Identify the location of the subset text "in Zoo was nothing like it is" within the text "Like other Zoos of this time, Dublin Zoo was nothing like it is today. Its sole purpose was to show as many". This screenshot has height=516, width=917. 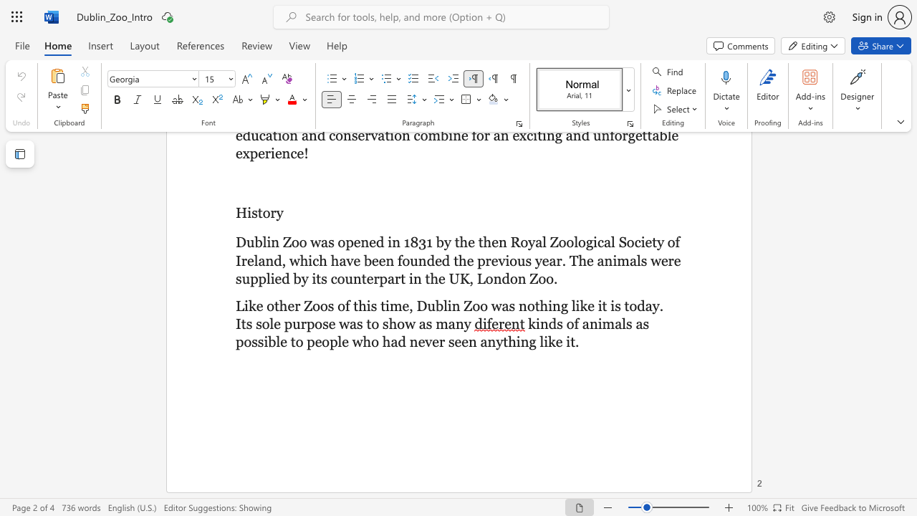
(446, 305).